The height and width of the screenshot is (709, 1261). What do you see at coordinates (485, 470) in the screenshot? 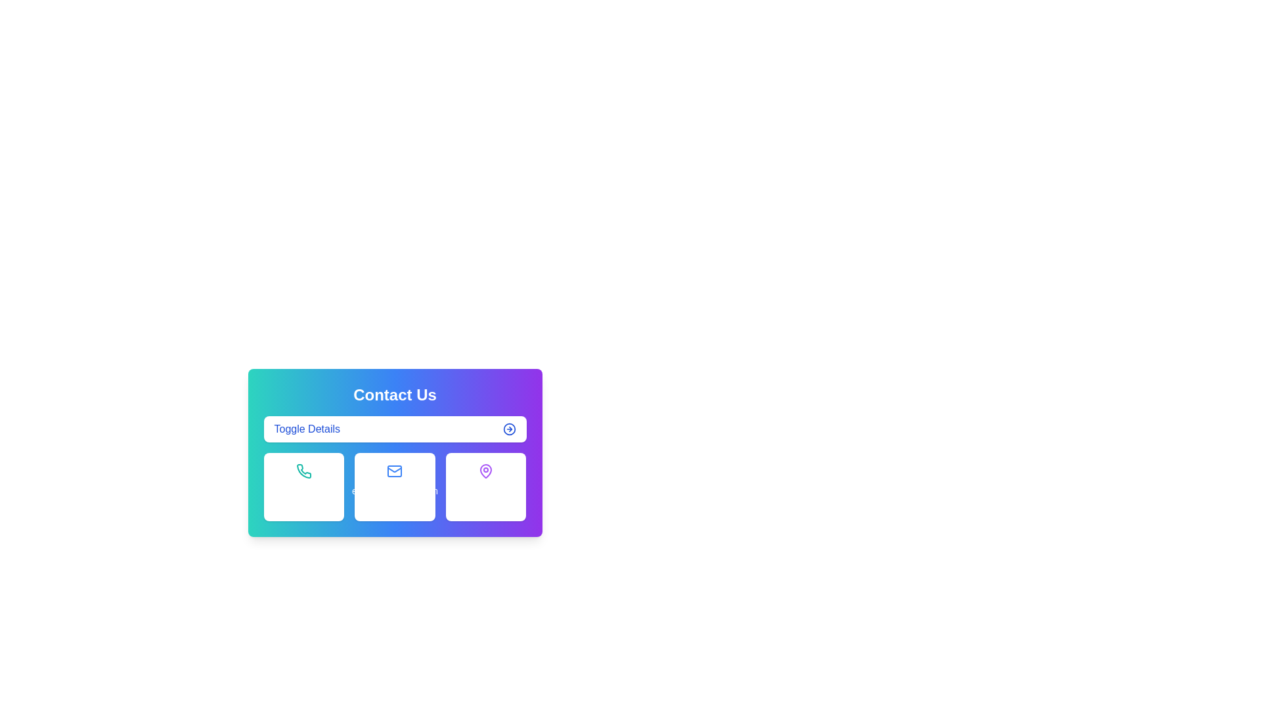
I see `the location-related action icon at the bottom of the 'Contact Us' panel` at bounding box center [485, 470].